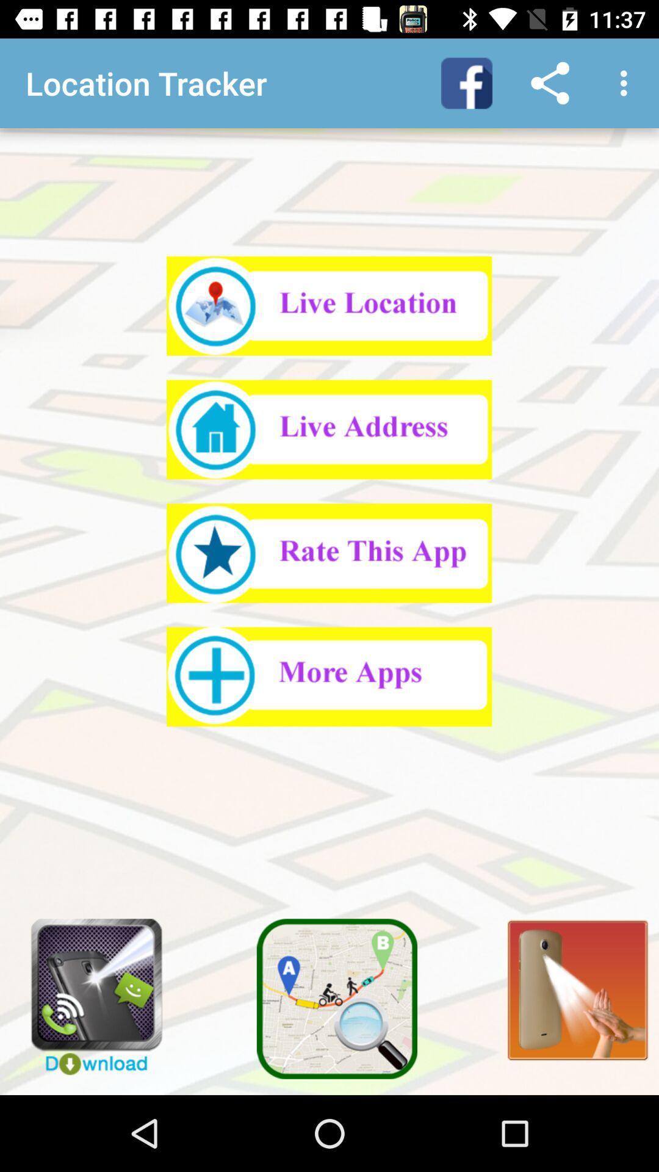 The width and height of the screenshot is (659, 1172). I want to click on rate the app, so click(328, 552).